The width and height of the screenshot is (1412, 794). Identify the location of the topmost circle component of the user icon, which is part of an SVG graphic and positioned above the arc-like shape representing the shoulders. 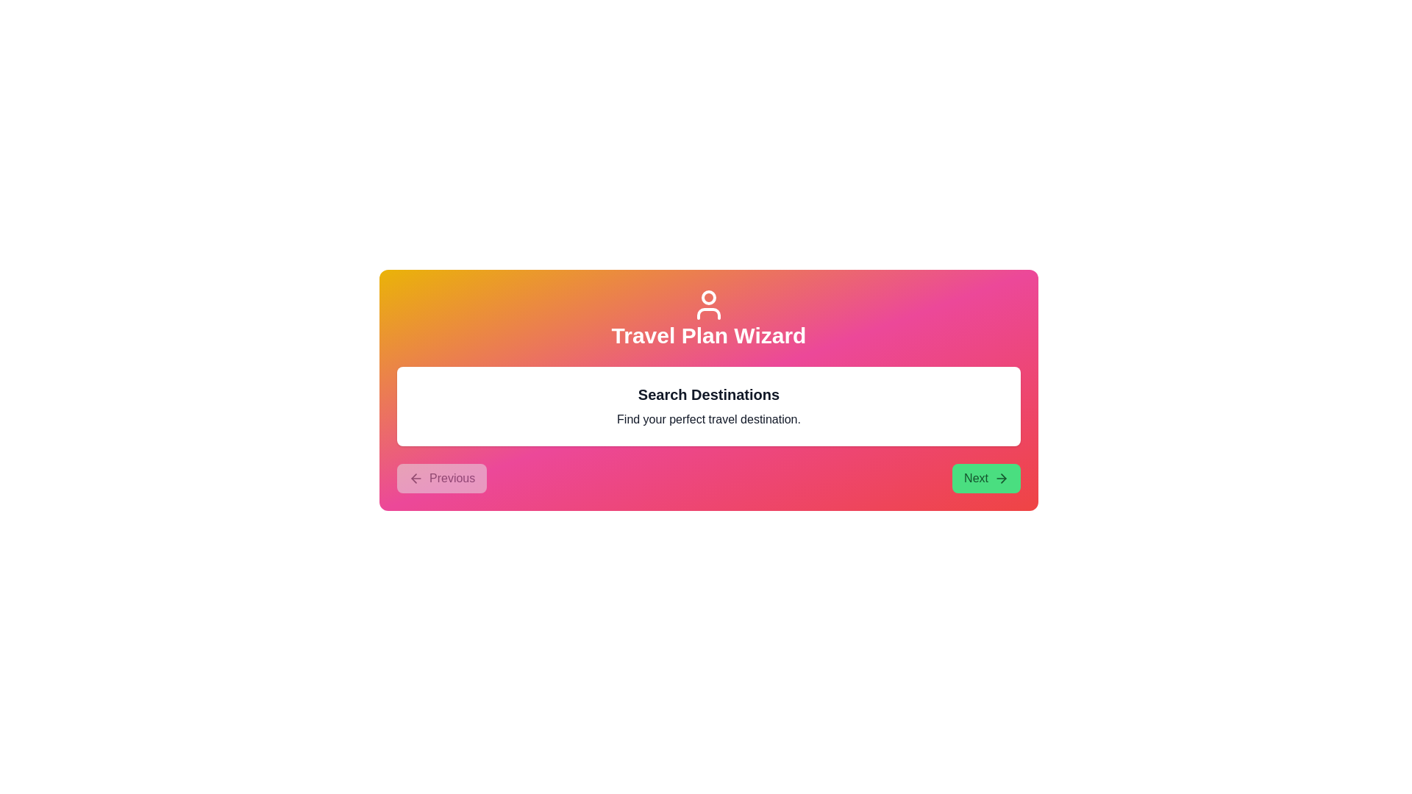
(709, 298).